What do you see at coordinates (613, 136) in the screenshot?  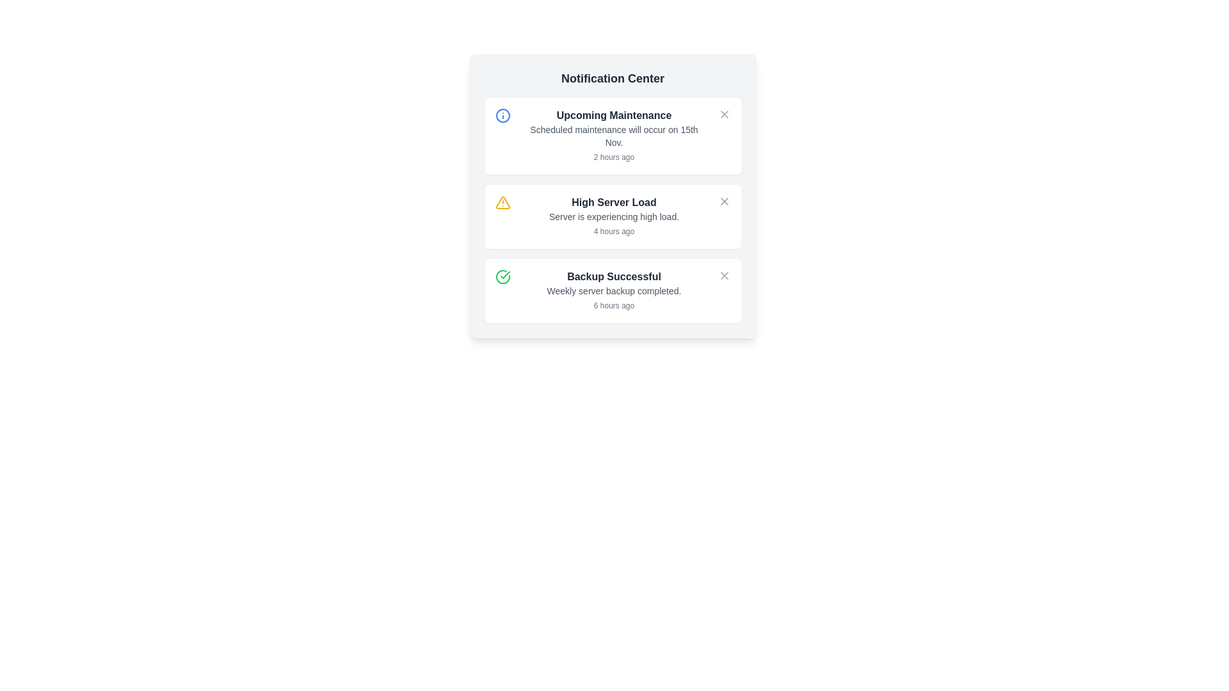 I see `the informational text element that provides additional details about the 'Upcoming Maintenance' notification, positioned centrally within the notification box` at bounding box center [613, 136].